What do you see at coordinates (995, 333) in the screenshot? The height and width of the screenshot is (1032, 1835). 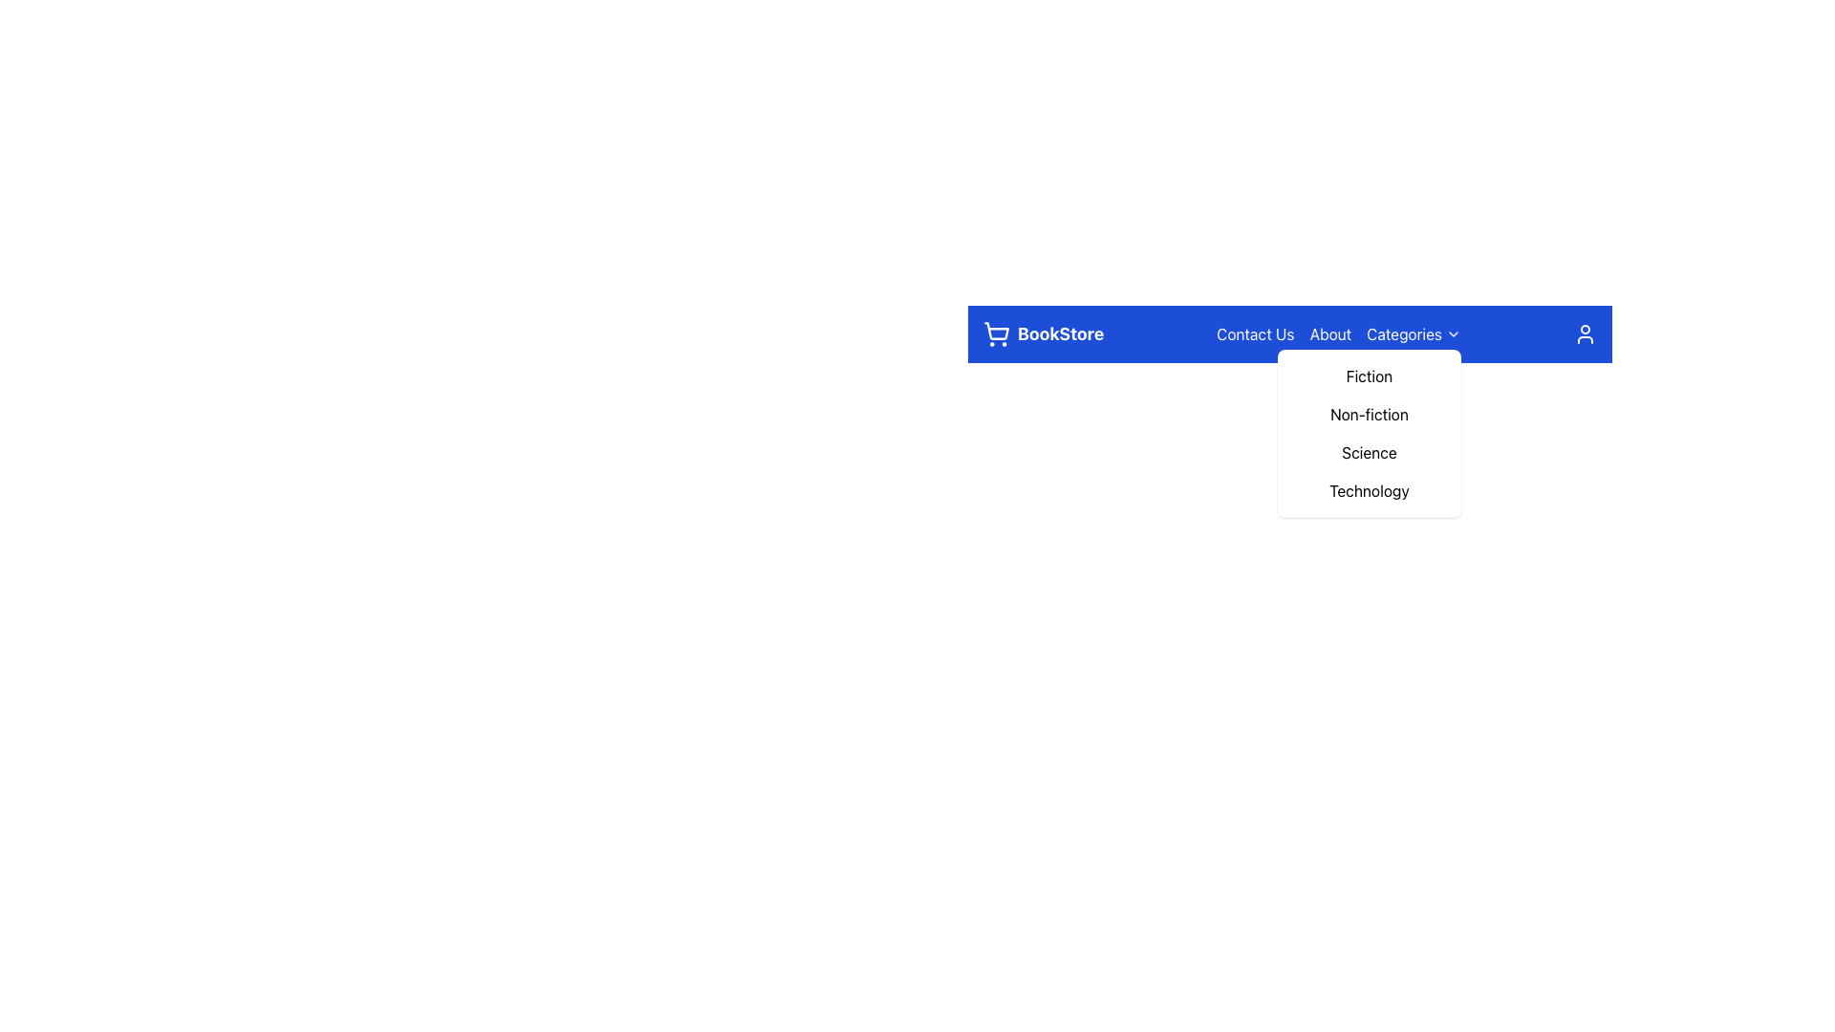 I see `the shopping cart icon located at the top-left corner of the blue header bar, which serves as a clickable button` at bounding box center [995, 333].